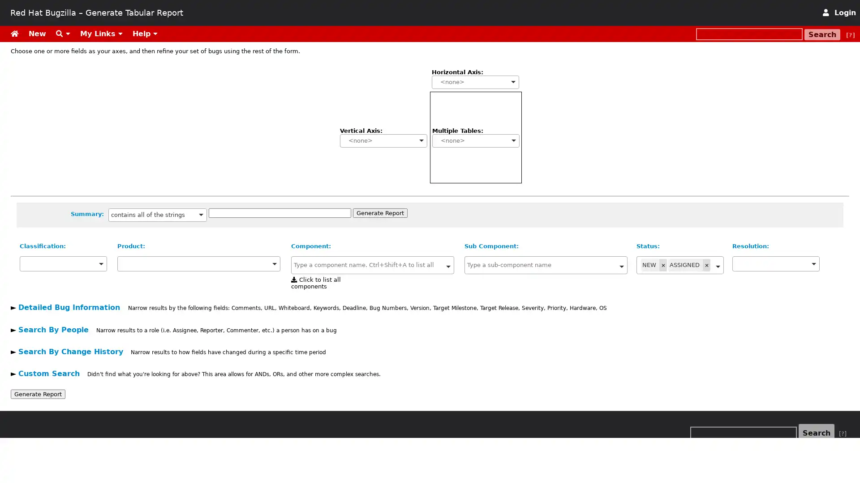 Image resolution: width=860 pixels, height=483 pixels. I want to click on Generate Report, so click(38, 393).